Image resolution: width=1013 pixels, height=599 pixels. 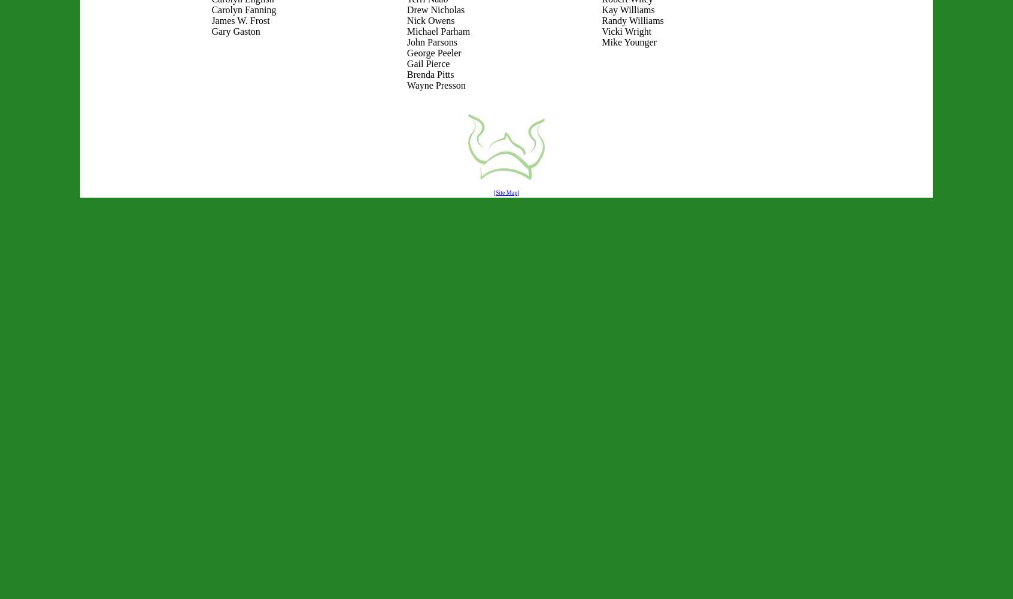 What do you see at coordinates (240, 20) in the screenshot?
I see `'James W. Frost'` at bounding box center [240, 20].